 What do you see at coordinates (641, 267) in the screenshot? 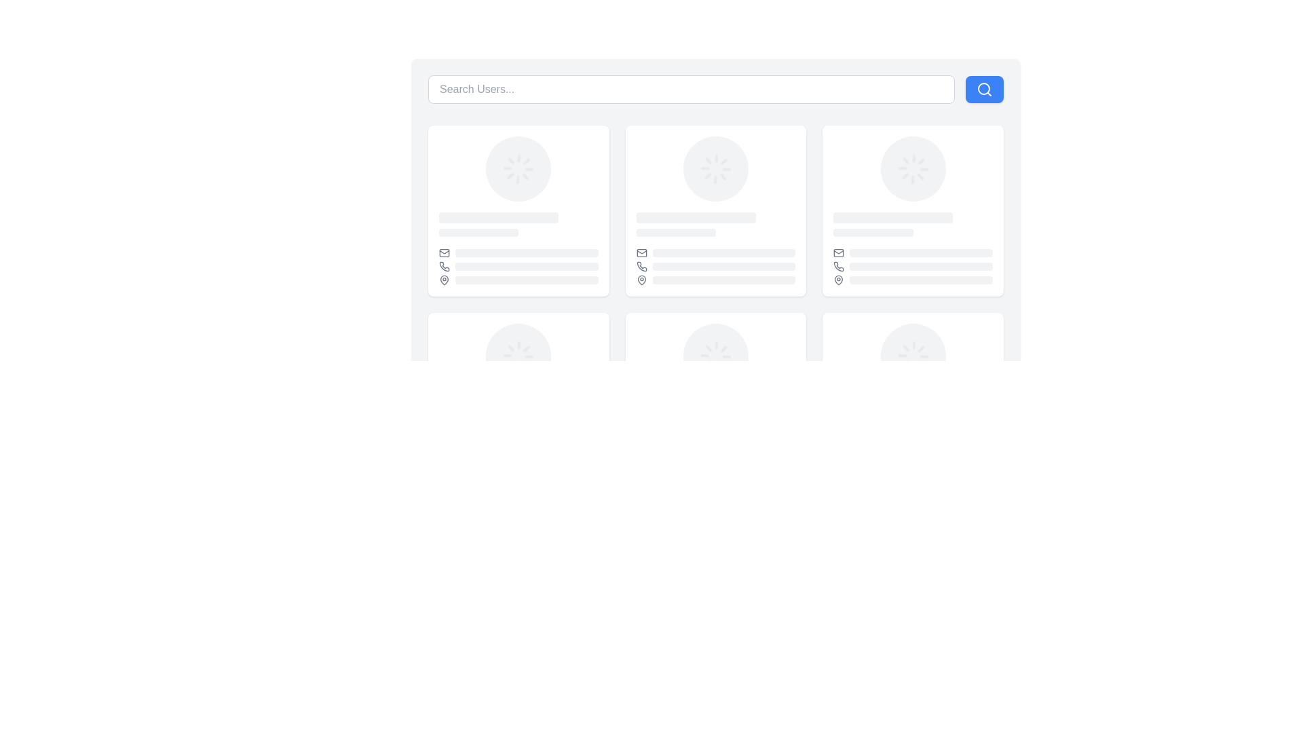
I see `the phone icon, which is a compact illustration of a telephone handset styled with a gray hue, located in the top-left segment of a card layout` at bounding box center [641, 267].